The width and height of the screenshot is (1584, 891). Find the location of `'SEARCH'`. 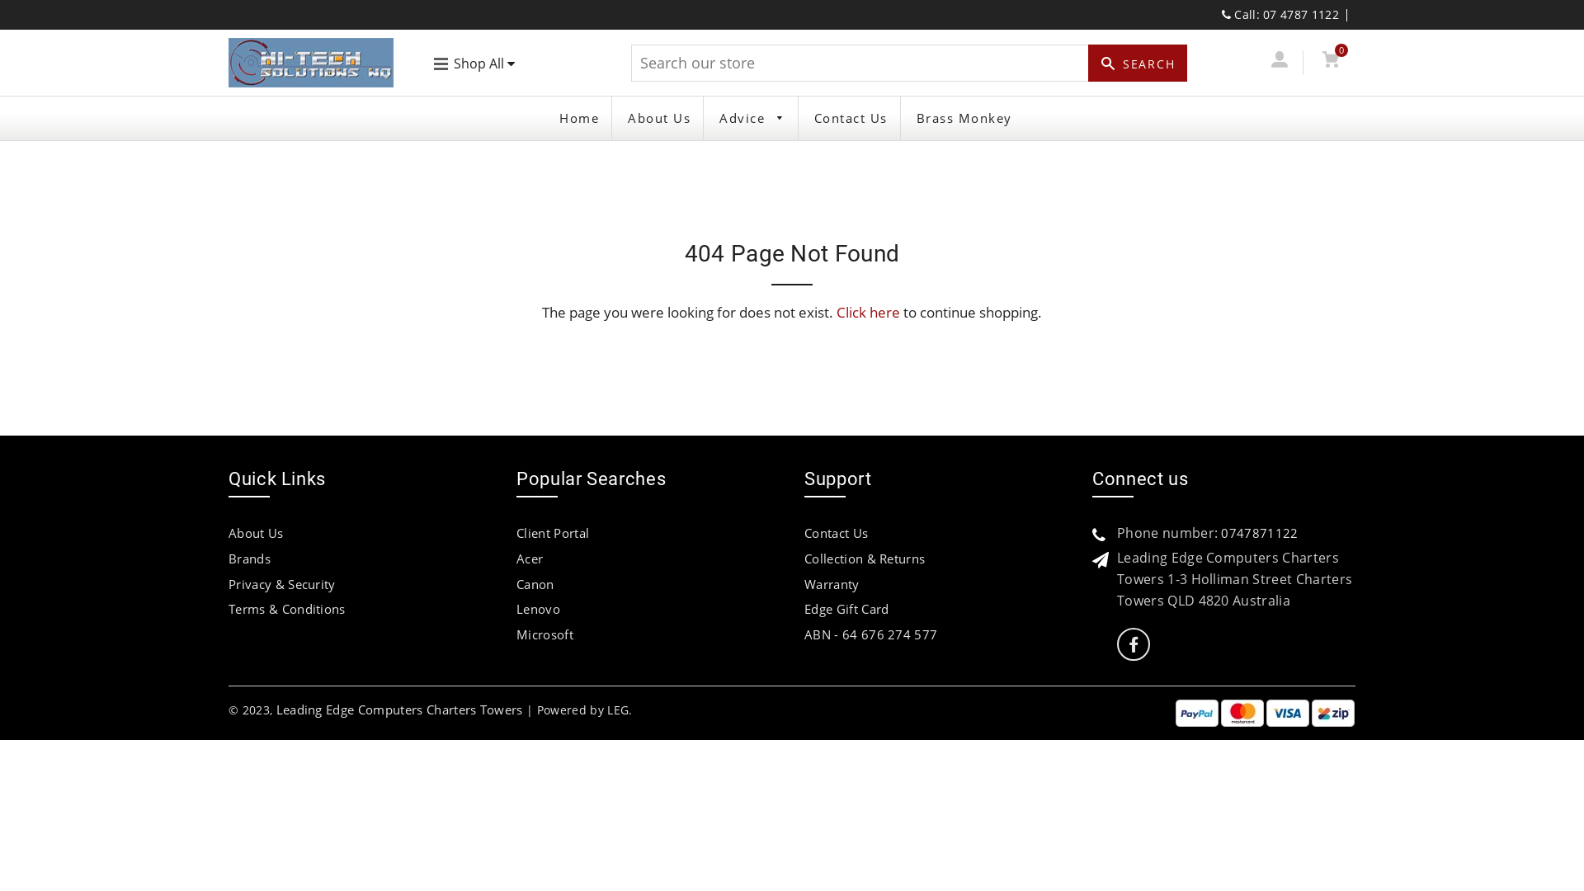

'SEARCH' is located at coordinates (1136, 62).